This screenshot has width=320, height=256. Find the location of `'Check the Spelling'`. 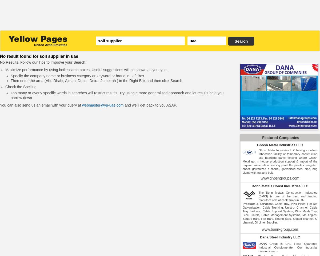

'Check the Spelling' is located at coordinates (21, 86).